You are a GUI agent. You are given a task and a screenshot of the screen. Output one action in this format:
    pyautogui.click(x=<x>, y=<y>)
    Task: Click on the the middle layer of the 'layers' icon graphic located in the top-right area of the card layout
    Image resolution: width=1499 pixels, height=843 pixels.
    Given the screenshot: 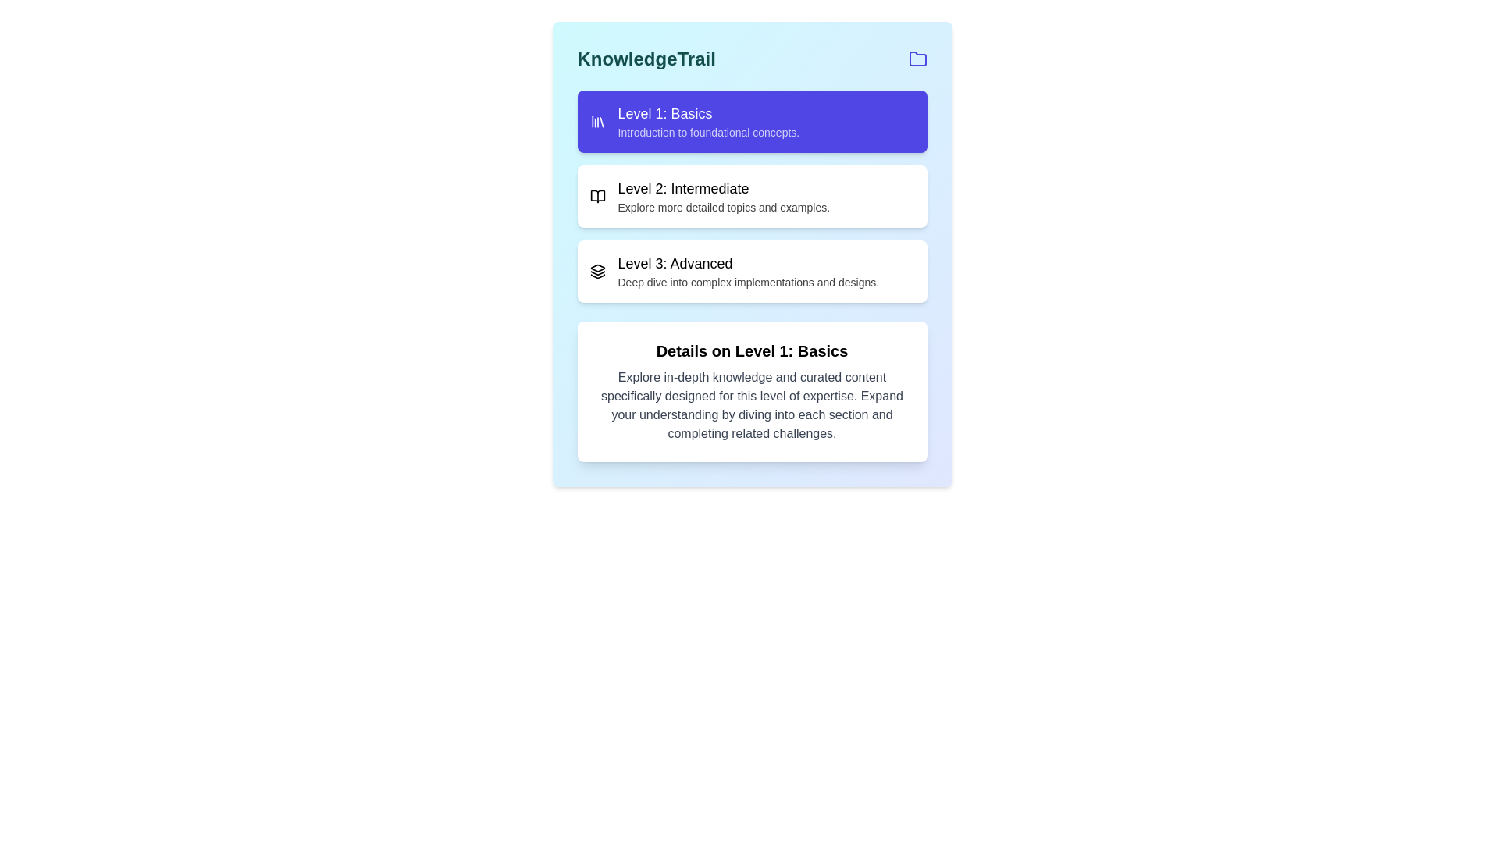 What is the action you would take?
    pyautogui.click(x=596, y=272)
    